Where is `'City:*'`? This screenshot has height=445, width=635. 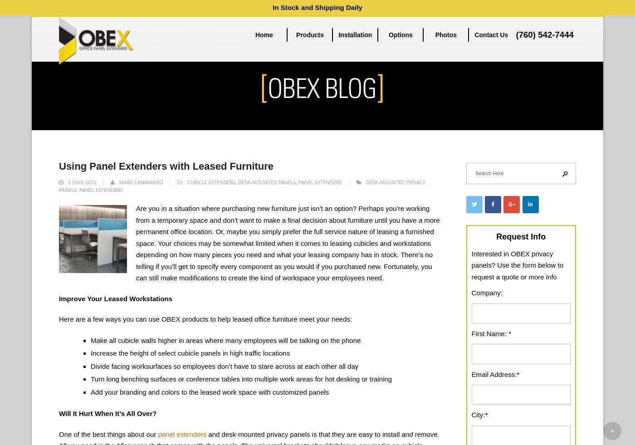
'City:*' is located at coordinates (479, 415).